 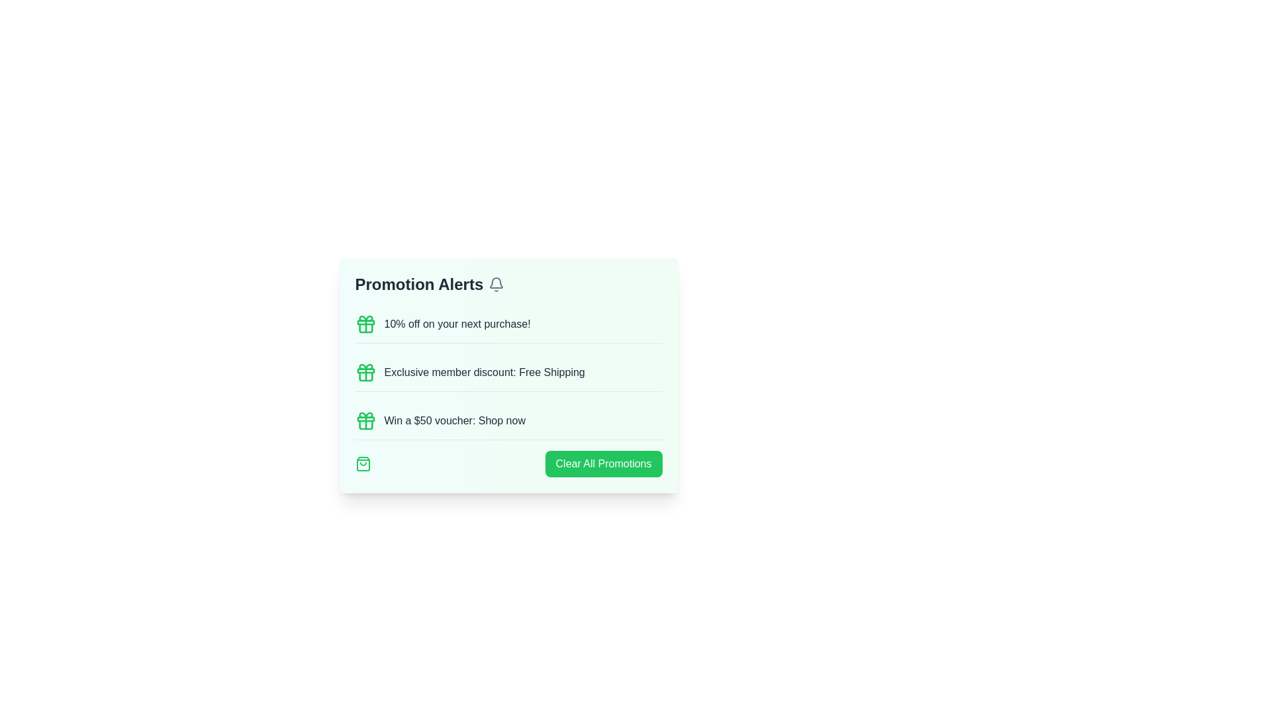 I want to click on the bell-shaped icon with a thin outline and light gray color located next to the 'Promotion Alerts' text, so click(x=496, y=283).